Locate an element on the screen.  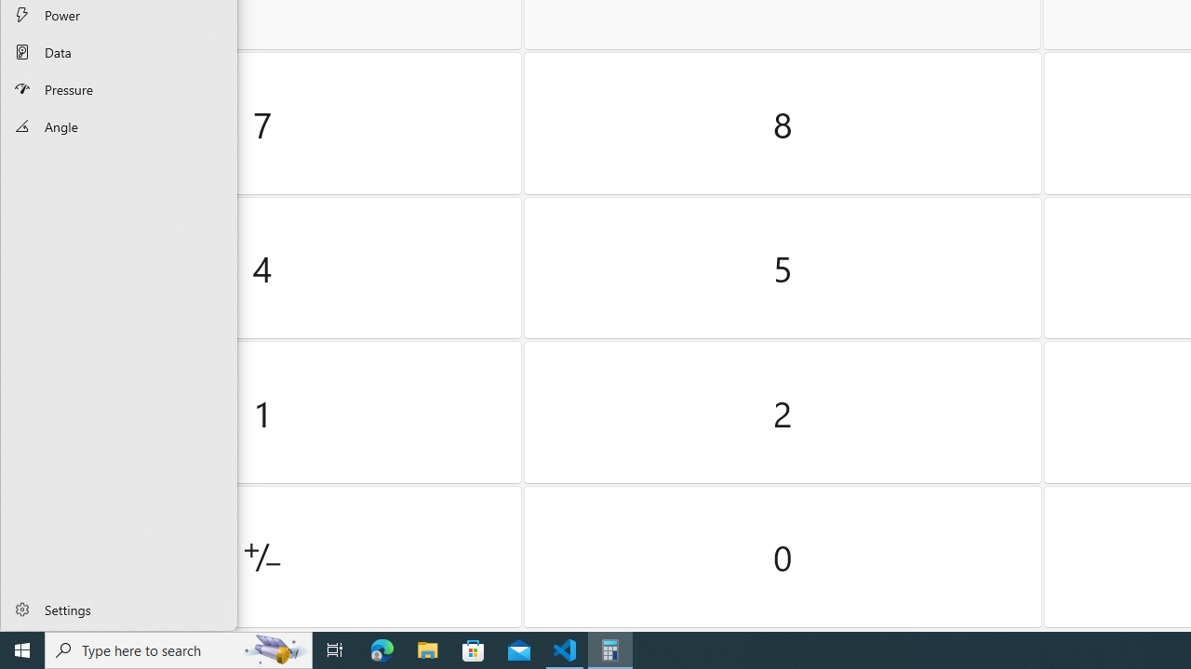
'Zero' is located at coordinates (783, 556).